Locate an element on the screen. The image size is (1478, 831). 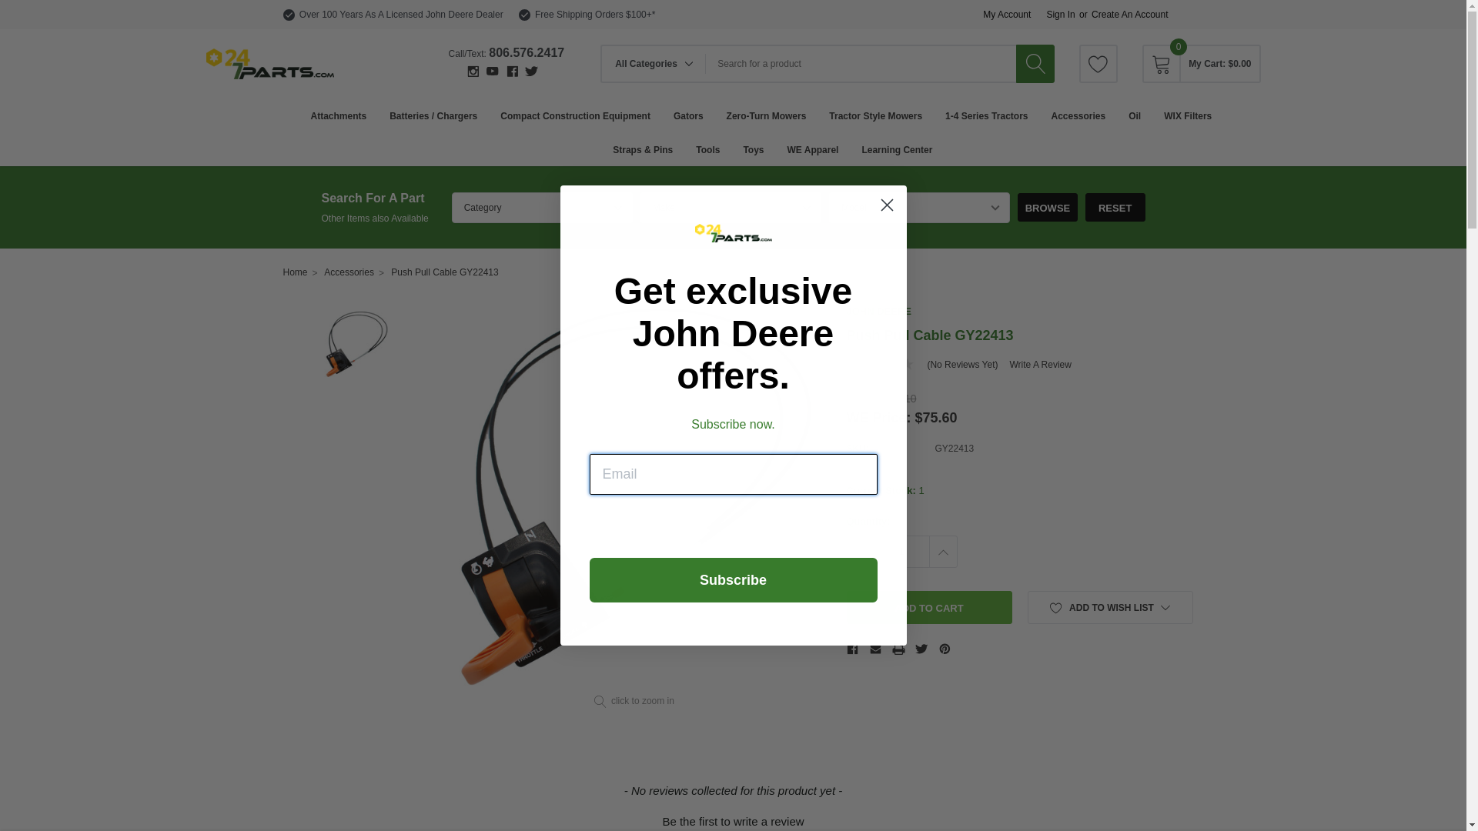
'RESET' is located at coordinates (1085, 206).